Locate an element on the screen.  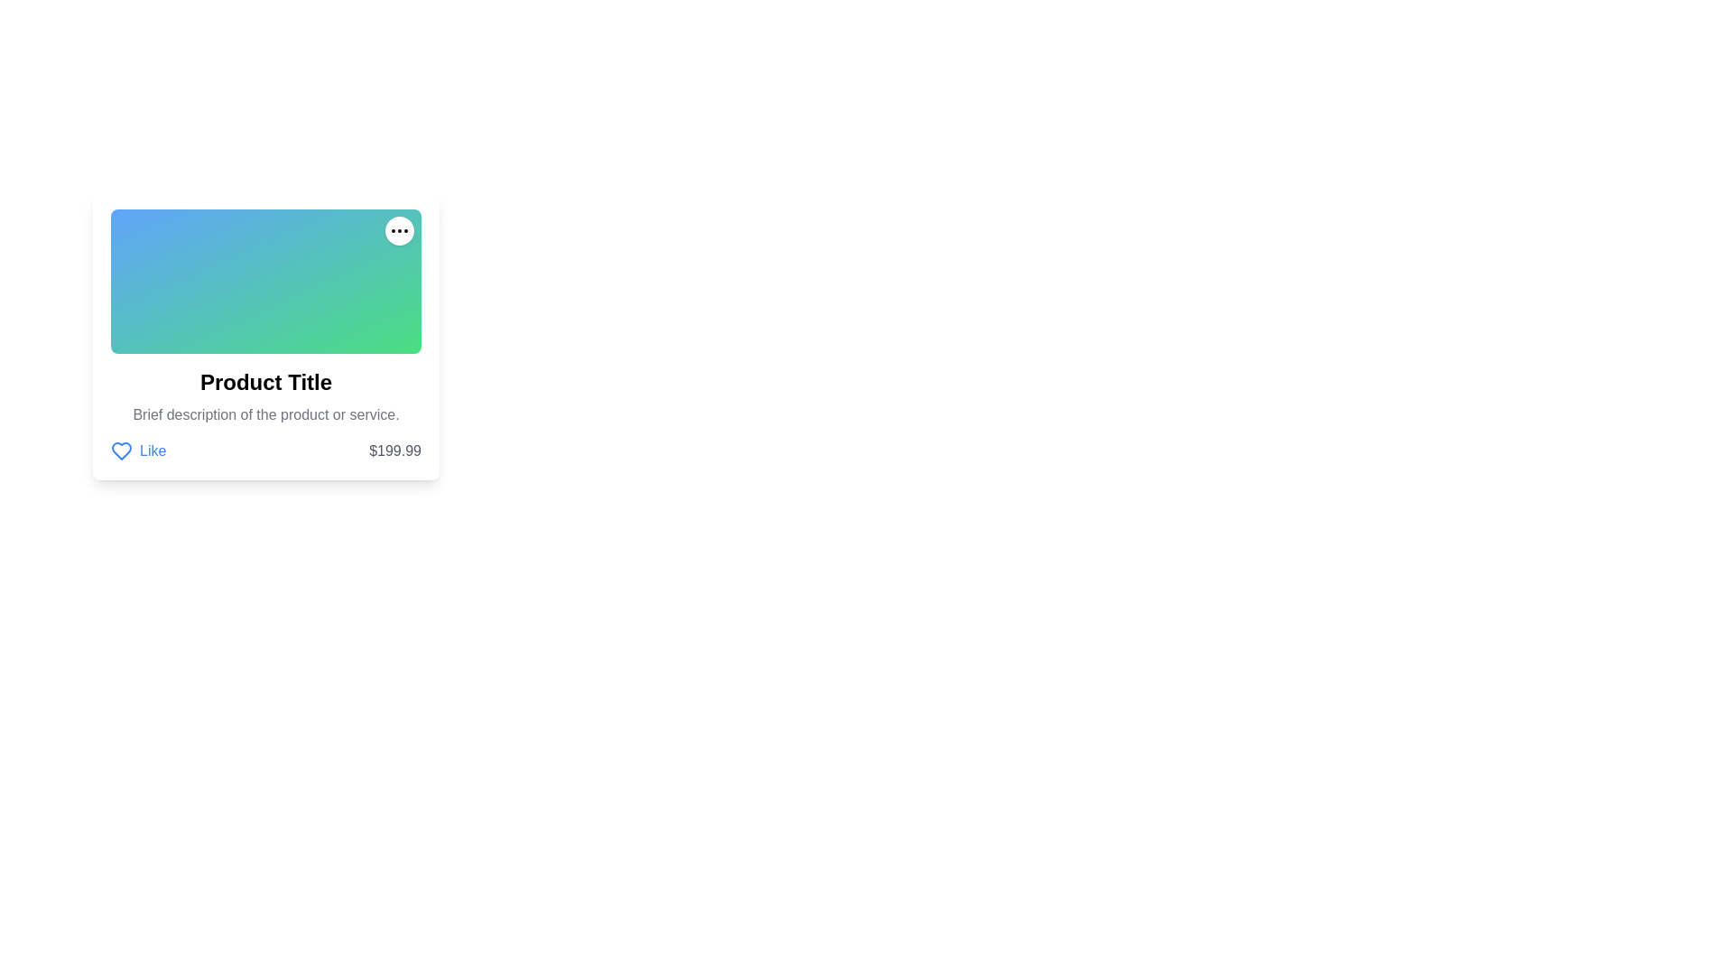
text content of the gray text component displaying 'Brief description of the product or service.' which is located below the 'Product Title' and above the 'Like' indicator is located at coordinates (264, 414).